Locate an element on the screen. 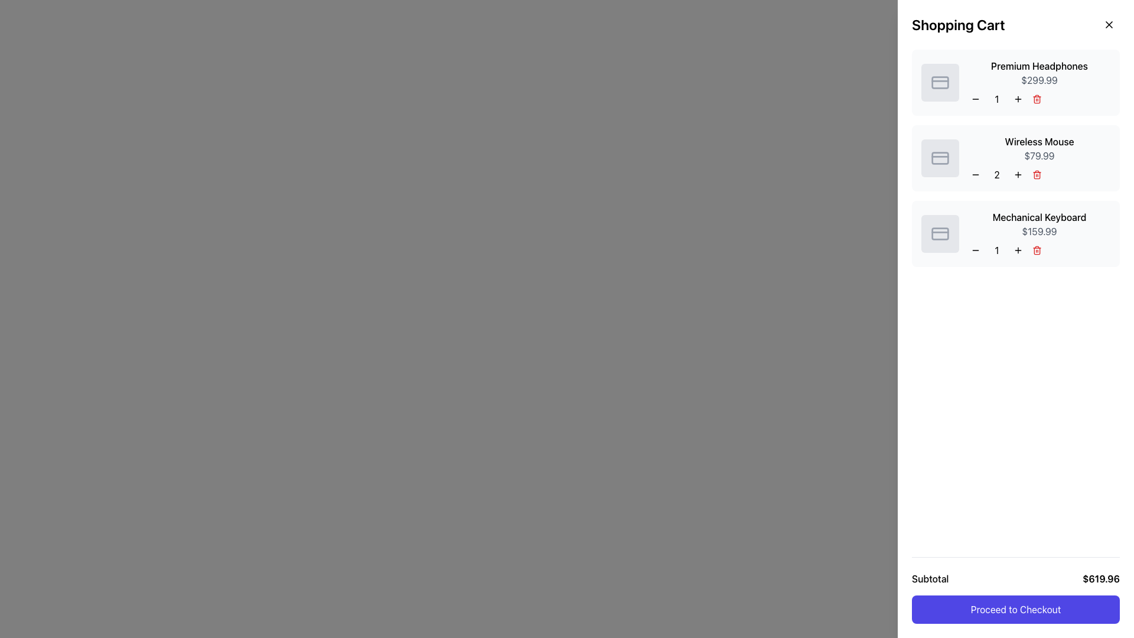  the red outlined trashcan icon button associated with the 'Premium Headphones' item is located at coordinates (1039, 99).